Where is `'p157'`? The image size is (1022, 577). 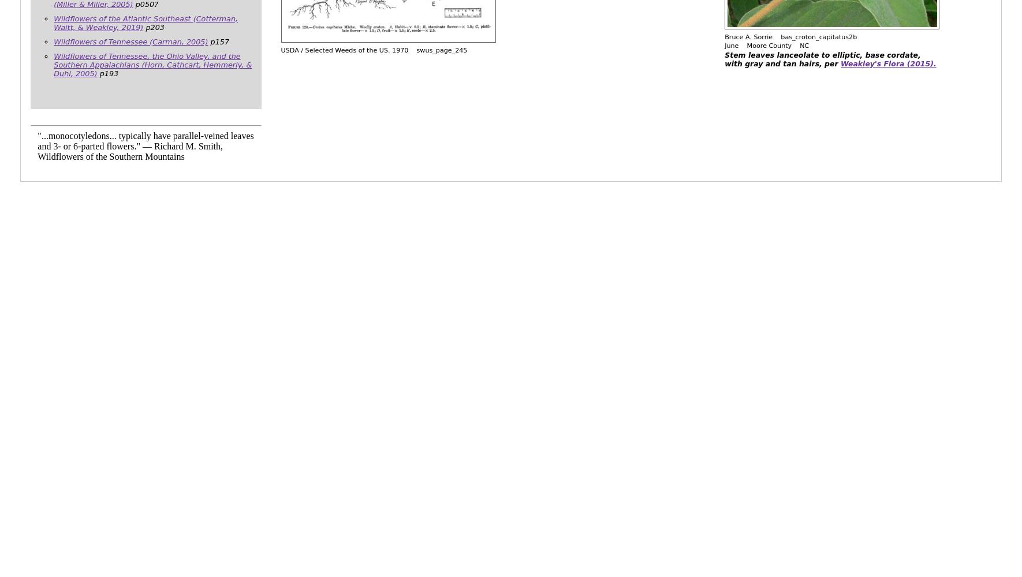
'p157' is located at coordinates (218, 41).